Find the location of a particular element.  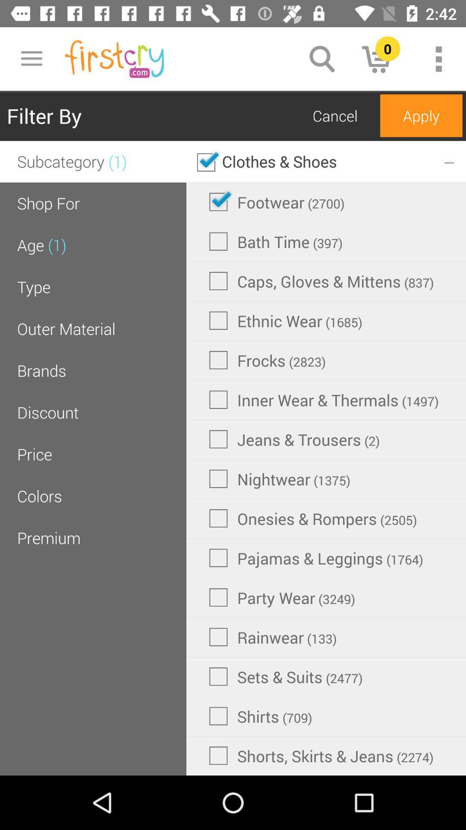

the brands item is located at coordinates (41, 370).